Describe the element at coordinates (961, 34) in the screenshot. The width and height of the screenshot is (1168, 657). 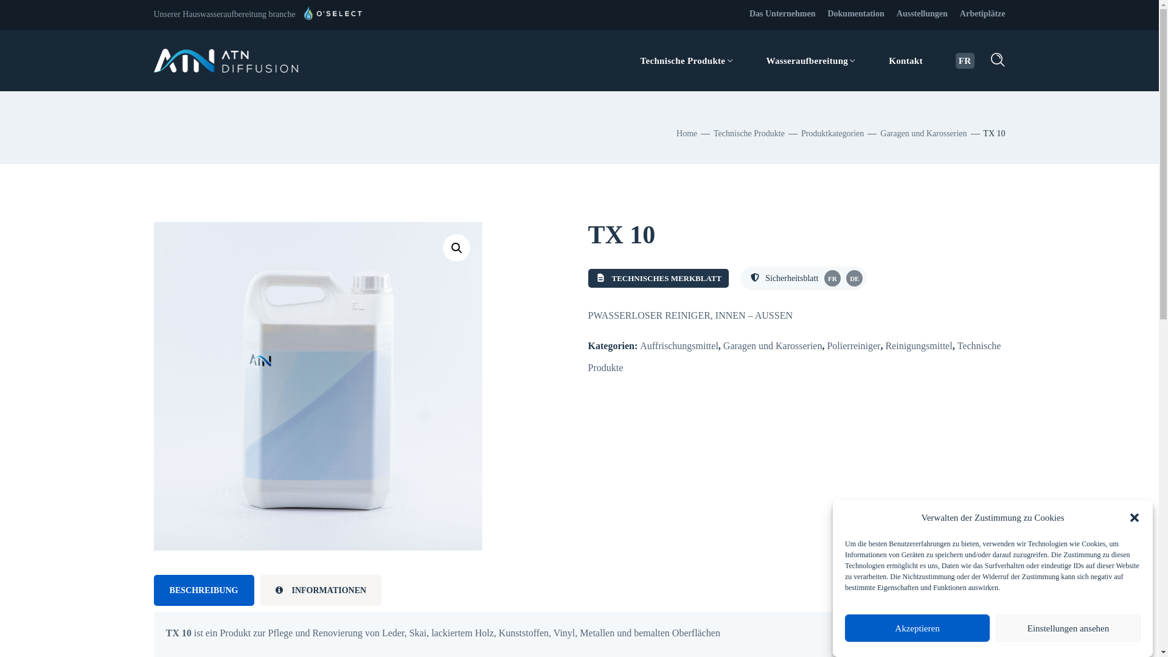
I see `'Suchen'` at that location.